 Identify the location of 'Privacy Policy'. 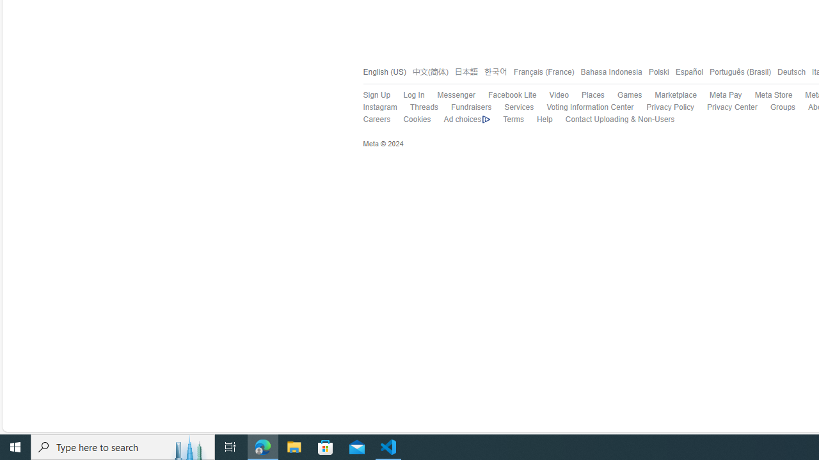
(669, 107).